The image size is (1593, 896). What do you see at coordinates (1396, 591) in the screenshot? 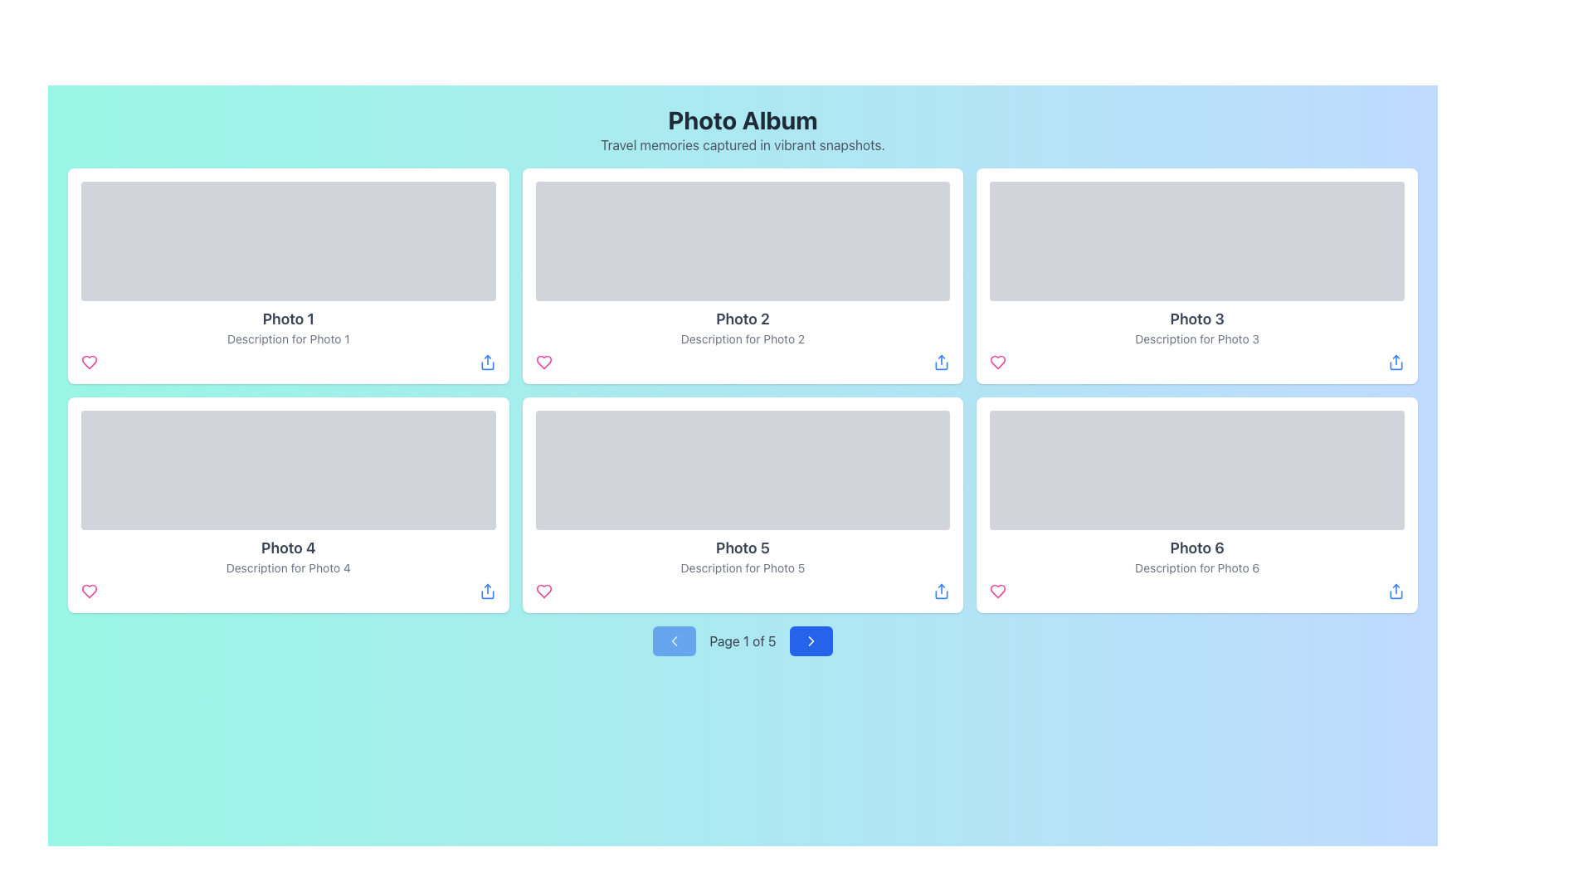
I see `the share button styled in blue with an upward arrow outline located at the bottom right of the 'Photo 6' card` at bounding box center [1396, 591].